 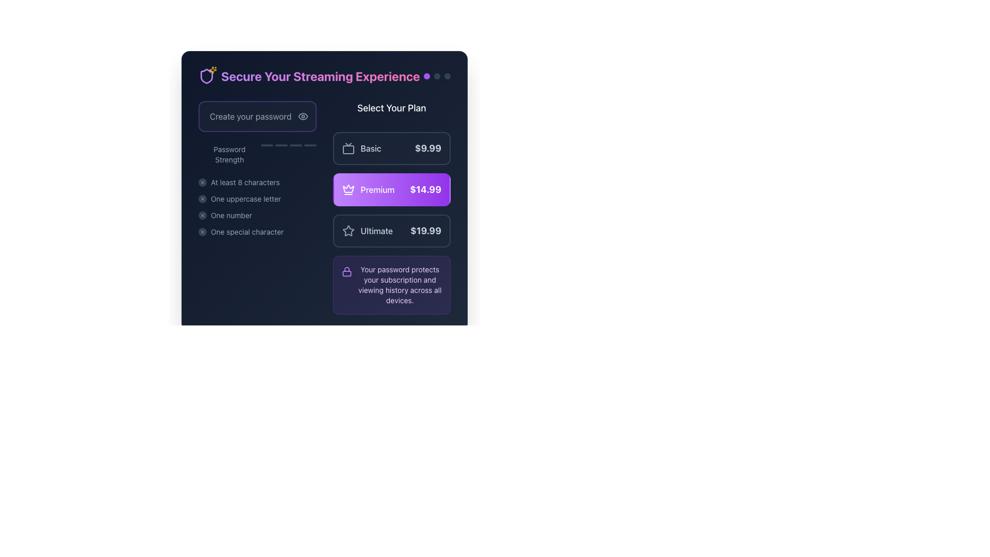 I want to click on feedback text indicating unmet password requirements, which is the first item in the vertical list below the 'Create your password' input field, so click(x=257, y=182).